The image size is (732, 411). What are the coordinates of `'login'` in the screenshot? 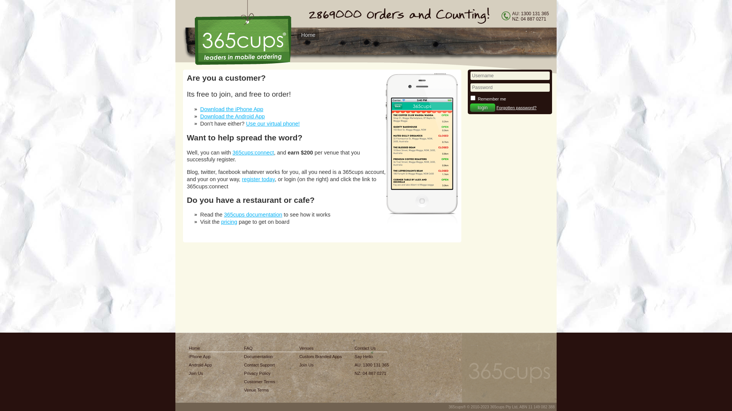 It's located at (482, 107).